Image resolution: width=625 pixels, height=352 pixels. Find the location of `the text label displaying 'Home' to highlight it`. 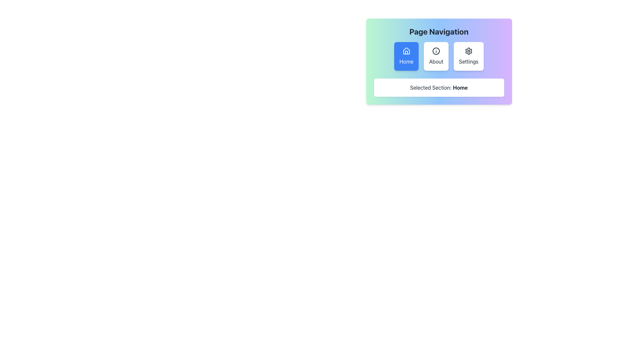

the text label displaying 'Home' to highlight it is located at coordinates (460, 87).